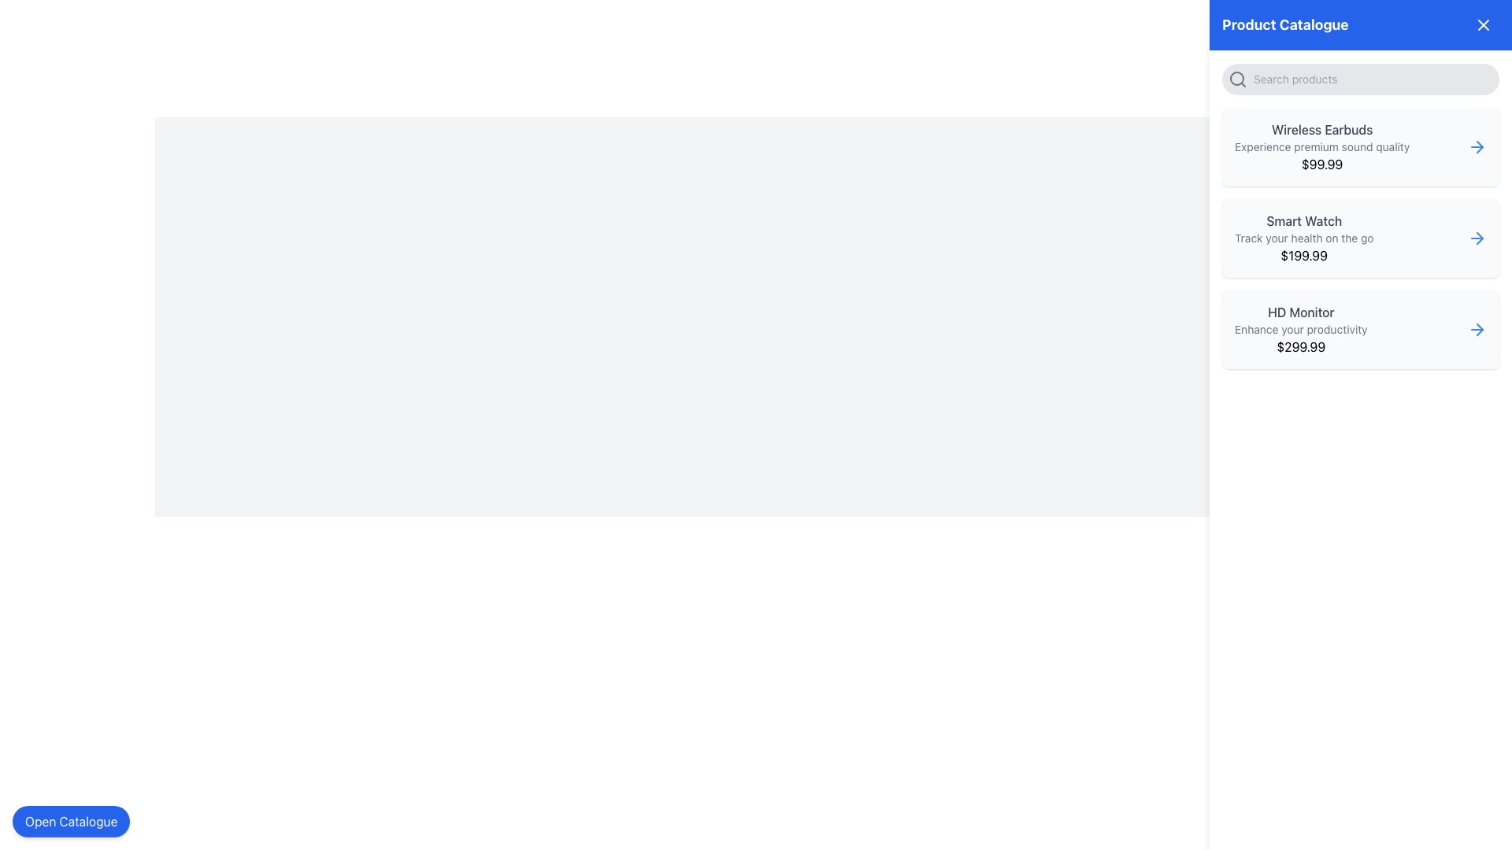  What do you see at coordinates (1482, 24) in the screenshot?
I see `the close button located at the top-right corner of the sidebar to hide the sidebar panel` at bounding box center [1482, 24].